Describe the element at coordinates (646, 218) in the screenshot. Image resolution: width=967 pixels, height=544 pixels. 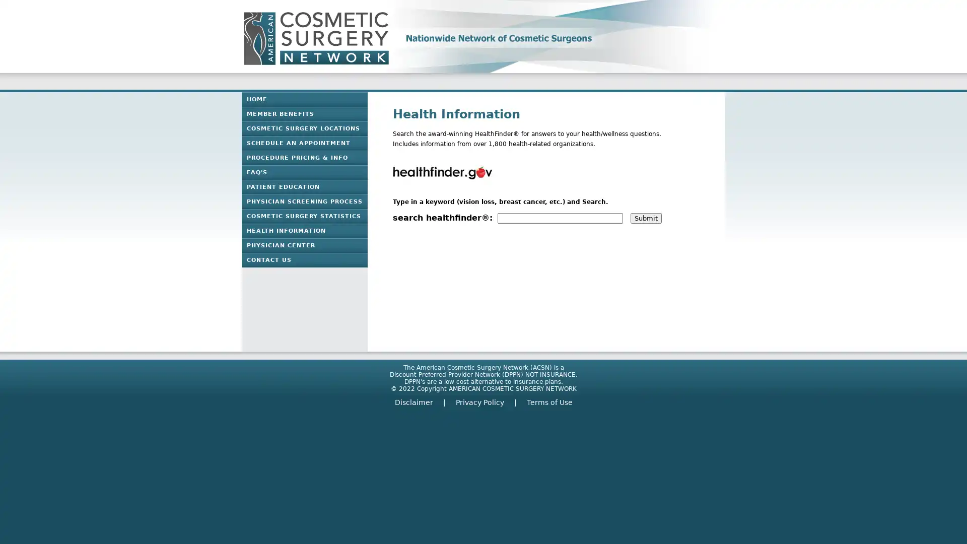
I see `Submit` at that location.